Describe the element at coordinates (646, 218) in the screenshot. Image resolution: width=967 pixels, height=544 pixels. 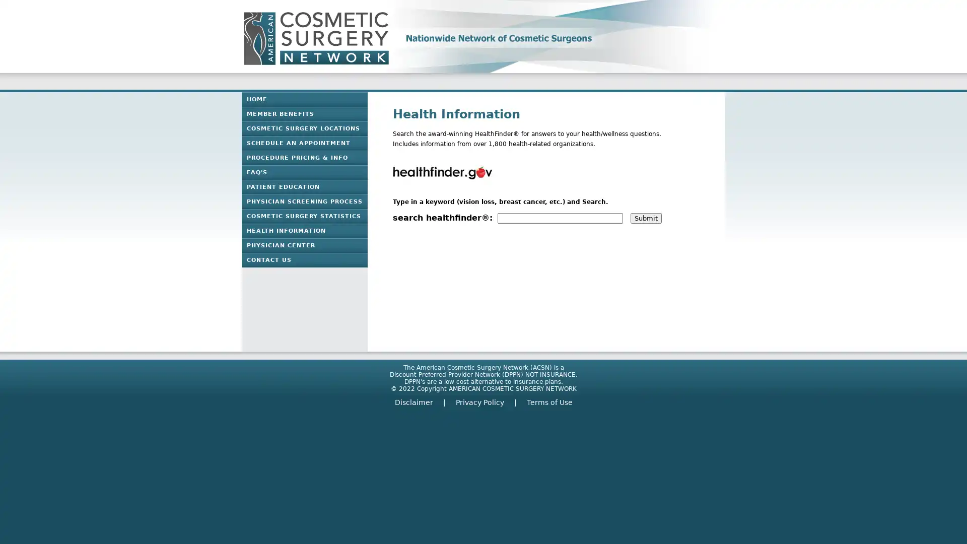
I see `Submit` at that location.